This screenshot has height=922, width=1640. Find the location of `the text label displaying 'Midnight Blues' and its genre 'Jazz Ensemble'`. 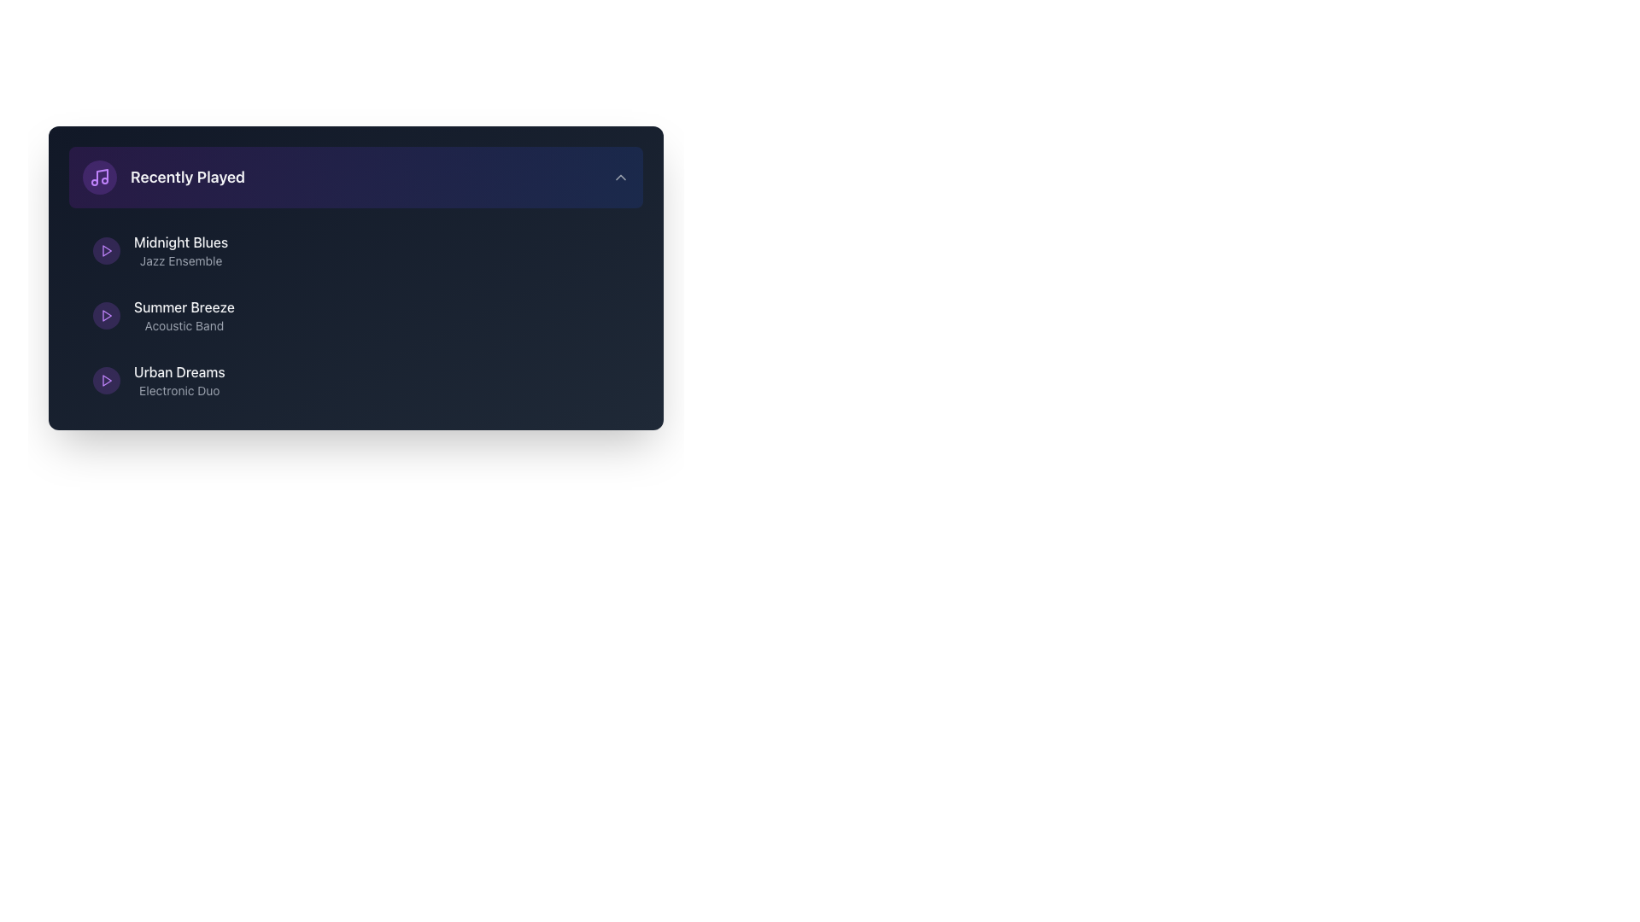

the text label displaying 'Midnight Blues' and its genre 'Jazz Ensemble' is located at coordinates (161, 250).